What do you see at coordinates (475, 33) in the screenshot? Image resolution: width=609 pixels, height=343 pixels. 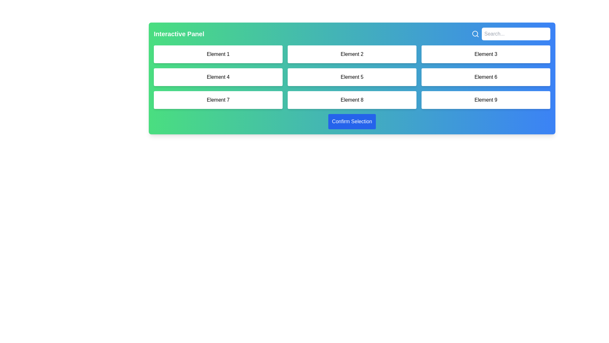 I see `the decorative role of the circular vector graphic icon that is part of the search icon, located near the top-right corner of the interface, just to the left of the search input field` at bounding box center [475, 33].